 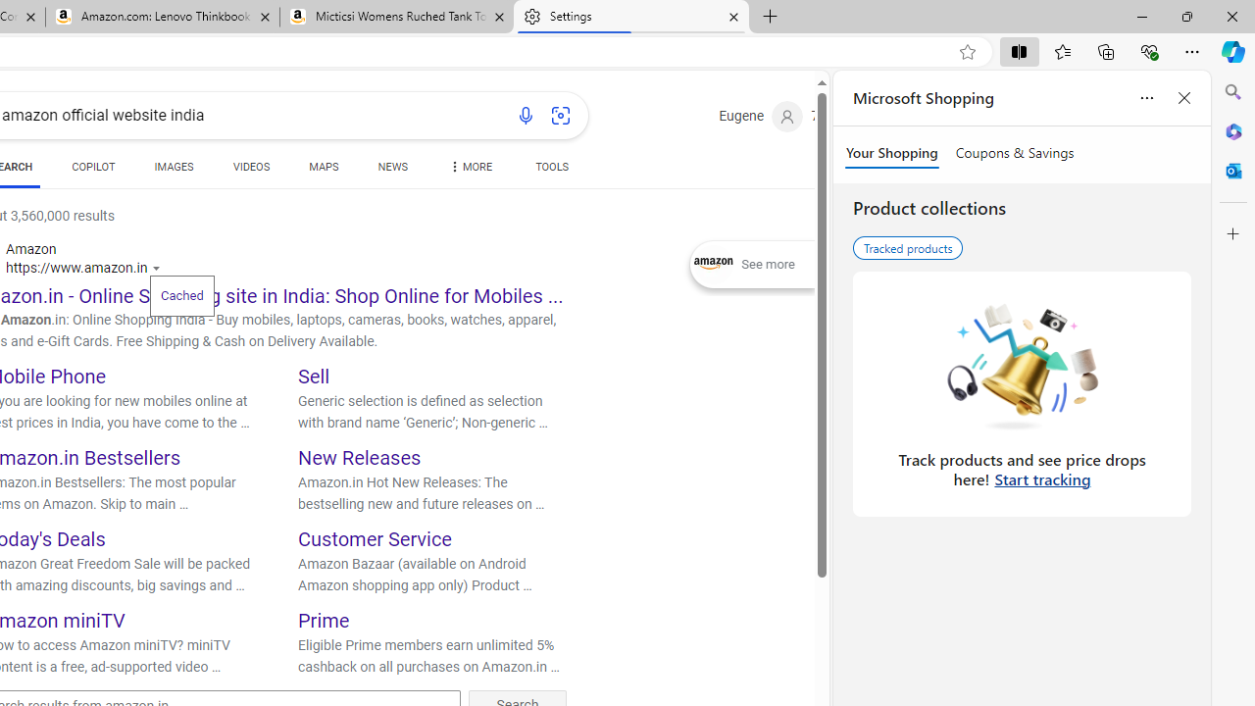 I want to click on 'COPILOT', so click(x=92, y=169).